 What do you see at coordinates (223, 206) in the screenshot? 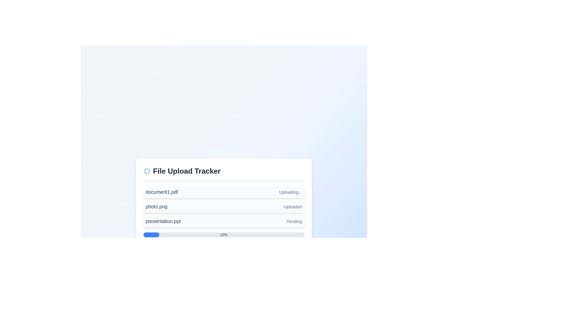
I see `the informative status display bar showing 'photo.png' on the left and 'Uploaded' on the right` at bounding box center [223, 206].